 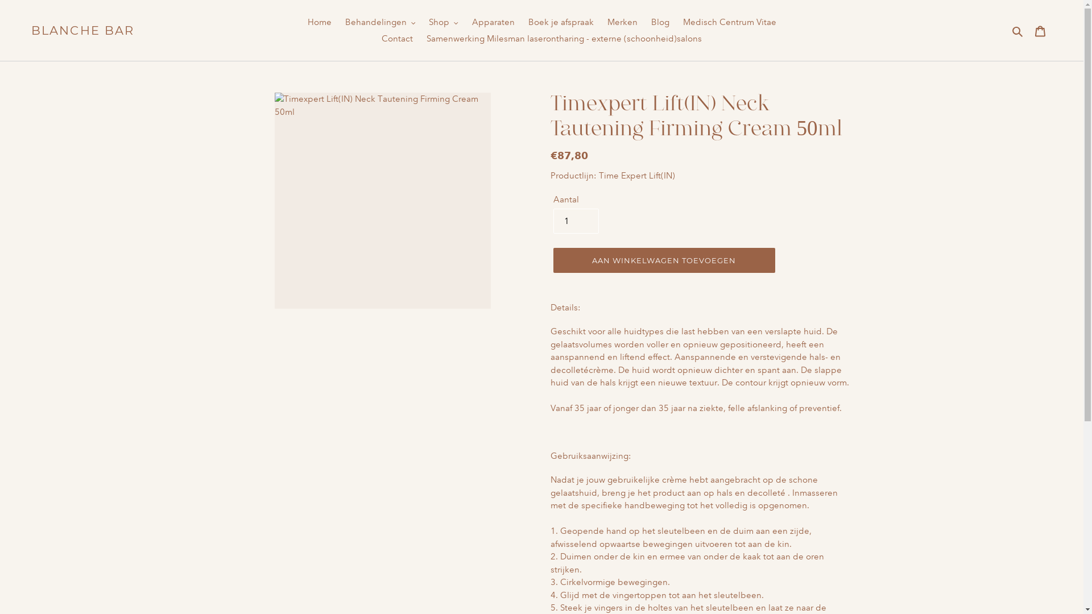 I want to click on 'Home', so click(x=318, y=22).